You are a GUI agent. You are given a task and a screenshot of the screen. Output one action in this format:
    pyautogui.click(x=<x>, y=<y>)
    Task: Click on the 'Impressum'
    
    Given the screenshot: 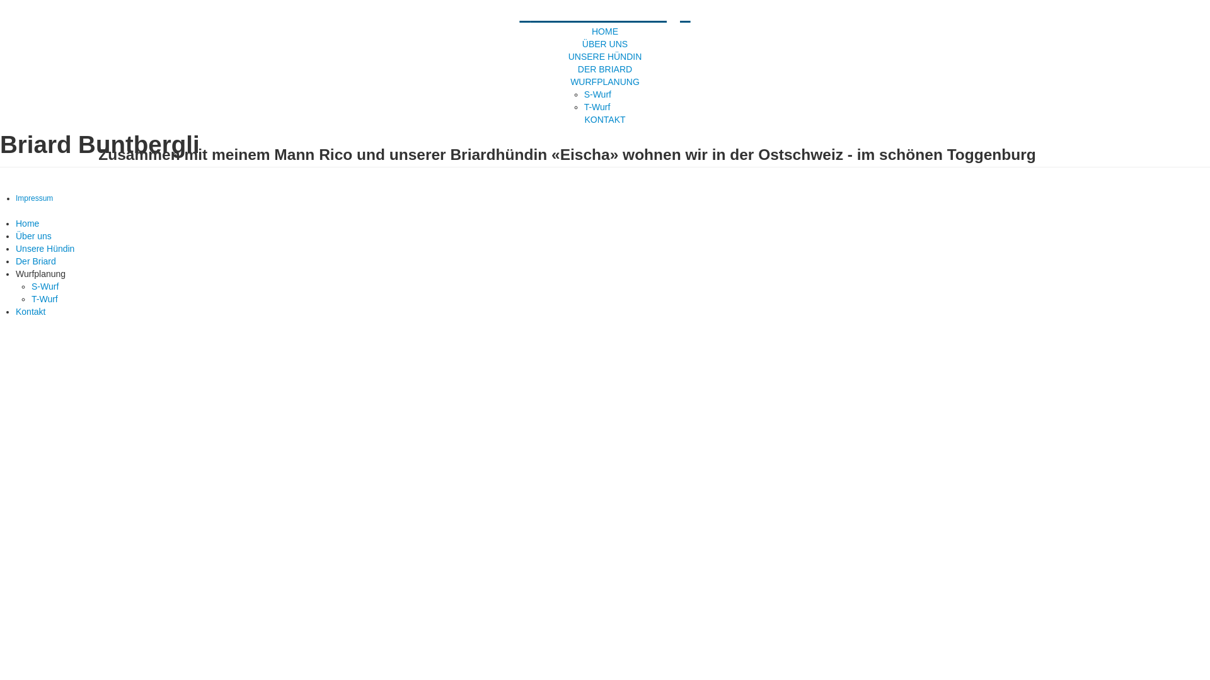 What is the action you would take?
    pyautogui.click(x=15, y=198)
    